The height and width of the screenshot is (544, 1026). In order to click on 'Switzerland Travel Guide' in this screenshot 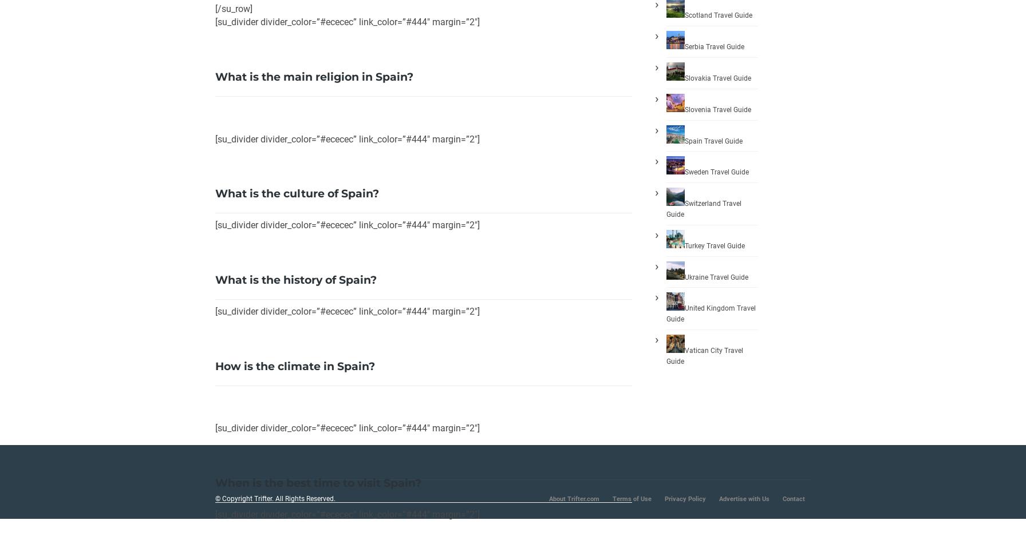, I will do `click(704, 208)`.